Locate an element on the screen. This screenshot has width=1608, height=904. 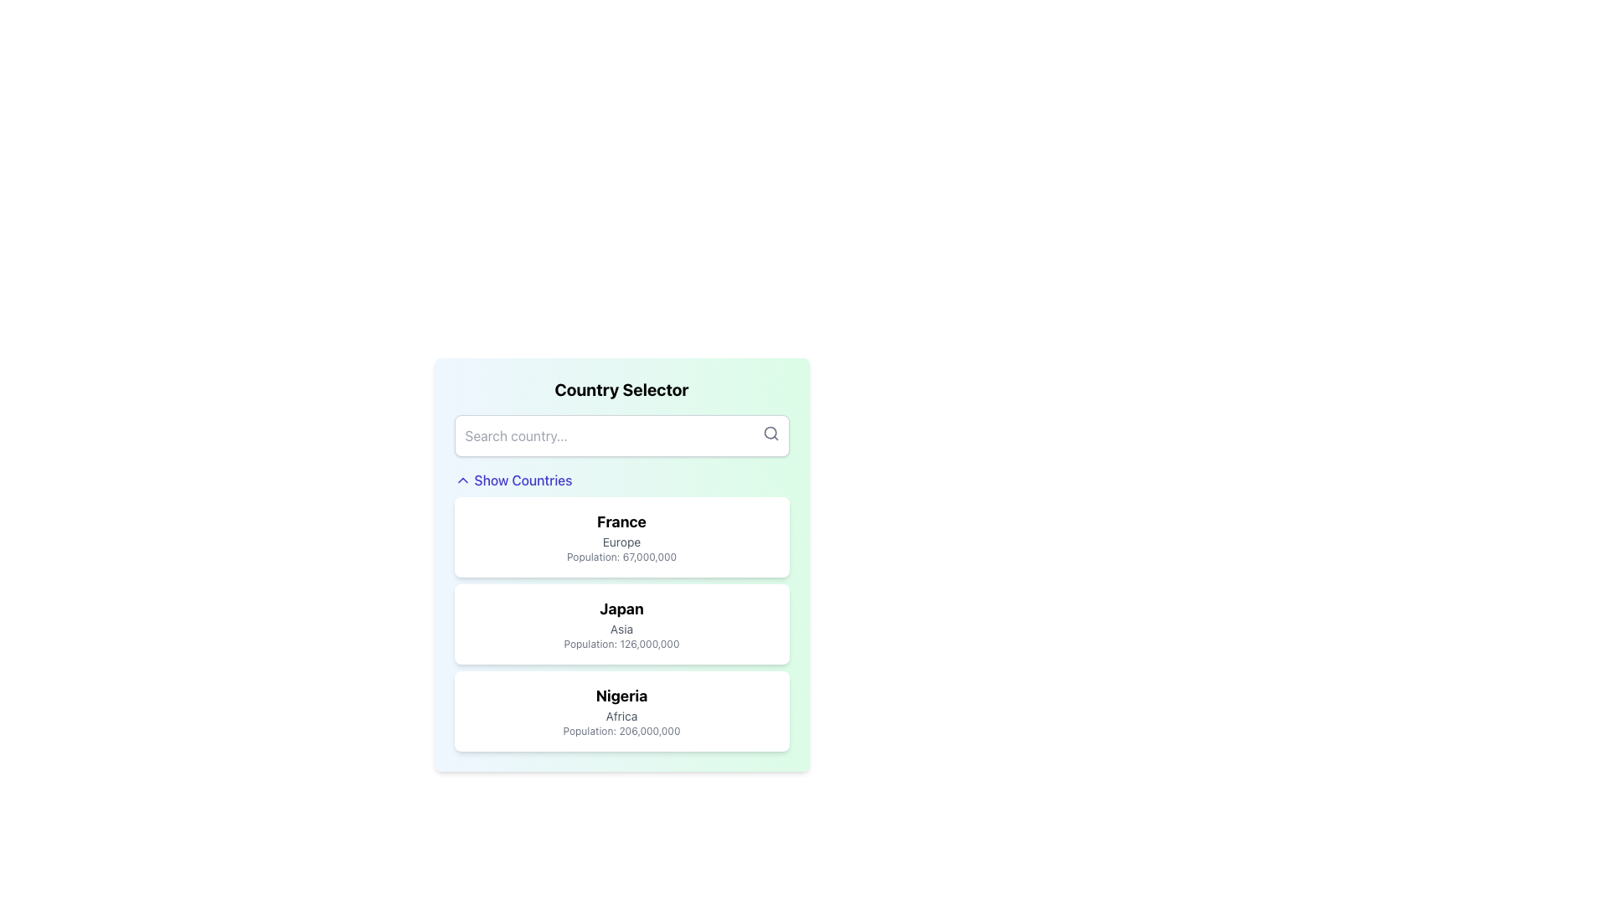
displayed information from the informational panel containing details about Japan, which is styled in rounded rectangular cards with bold country names, continent names in lighter font, and population in smaller font is located at coordinates (621, 624).